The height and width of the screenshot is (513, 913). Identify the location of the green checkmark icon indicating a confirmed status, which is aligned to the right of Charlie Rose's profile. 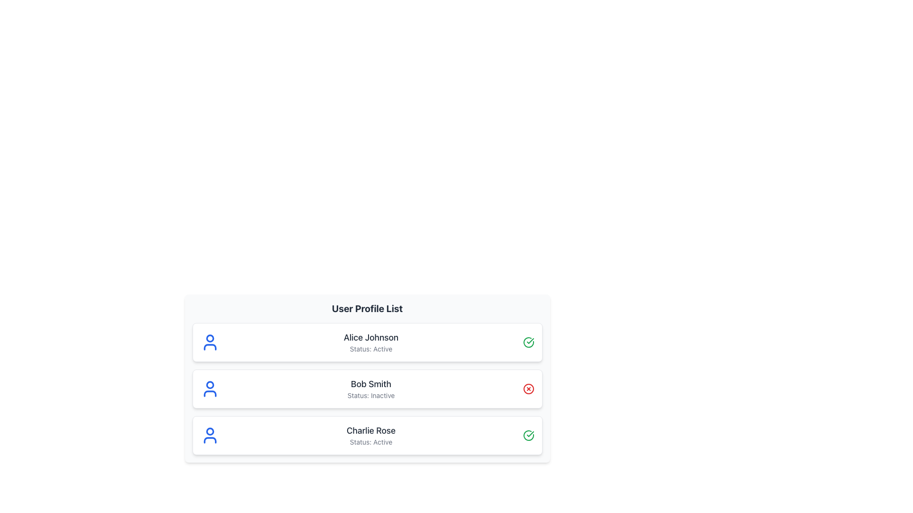
(528, 342).